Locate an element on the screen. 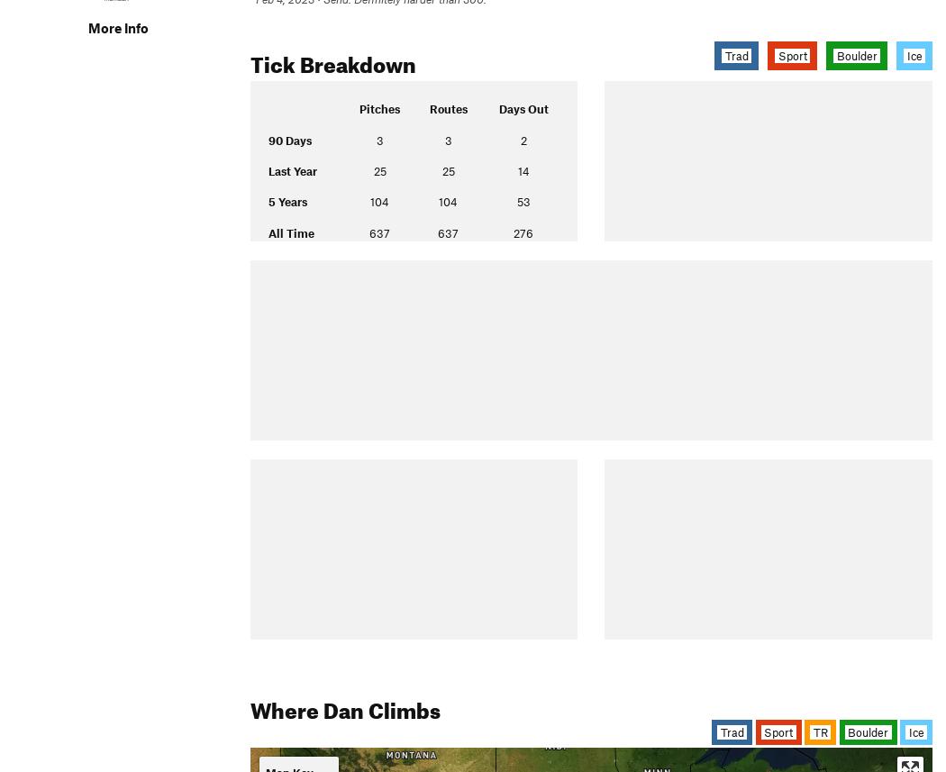 This screenshot has width=946, height=772. 'More Info' is located at coordinates (87, 26).